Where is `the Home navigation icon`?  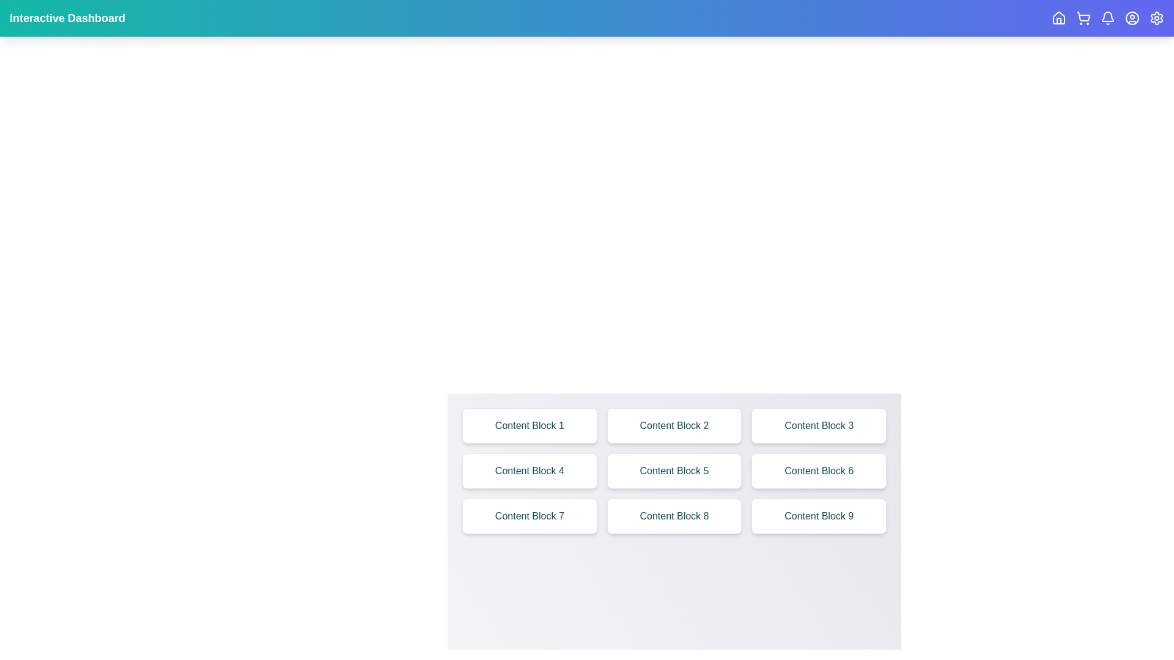
the Home navigation icon is located at coordinates (1058, 18).